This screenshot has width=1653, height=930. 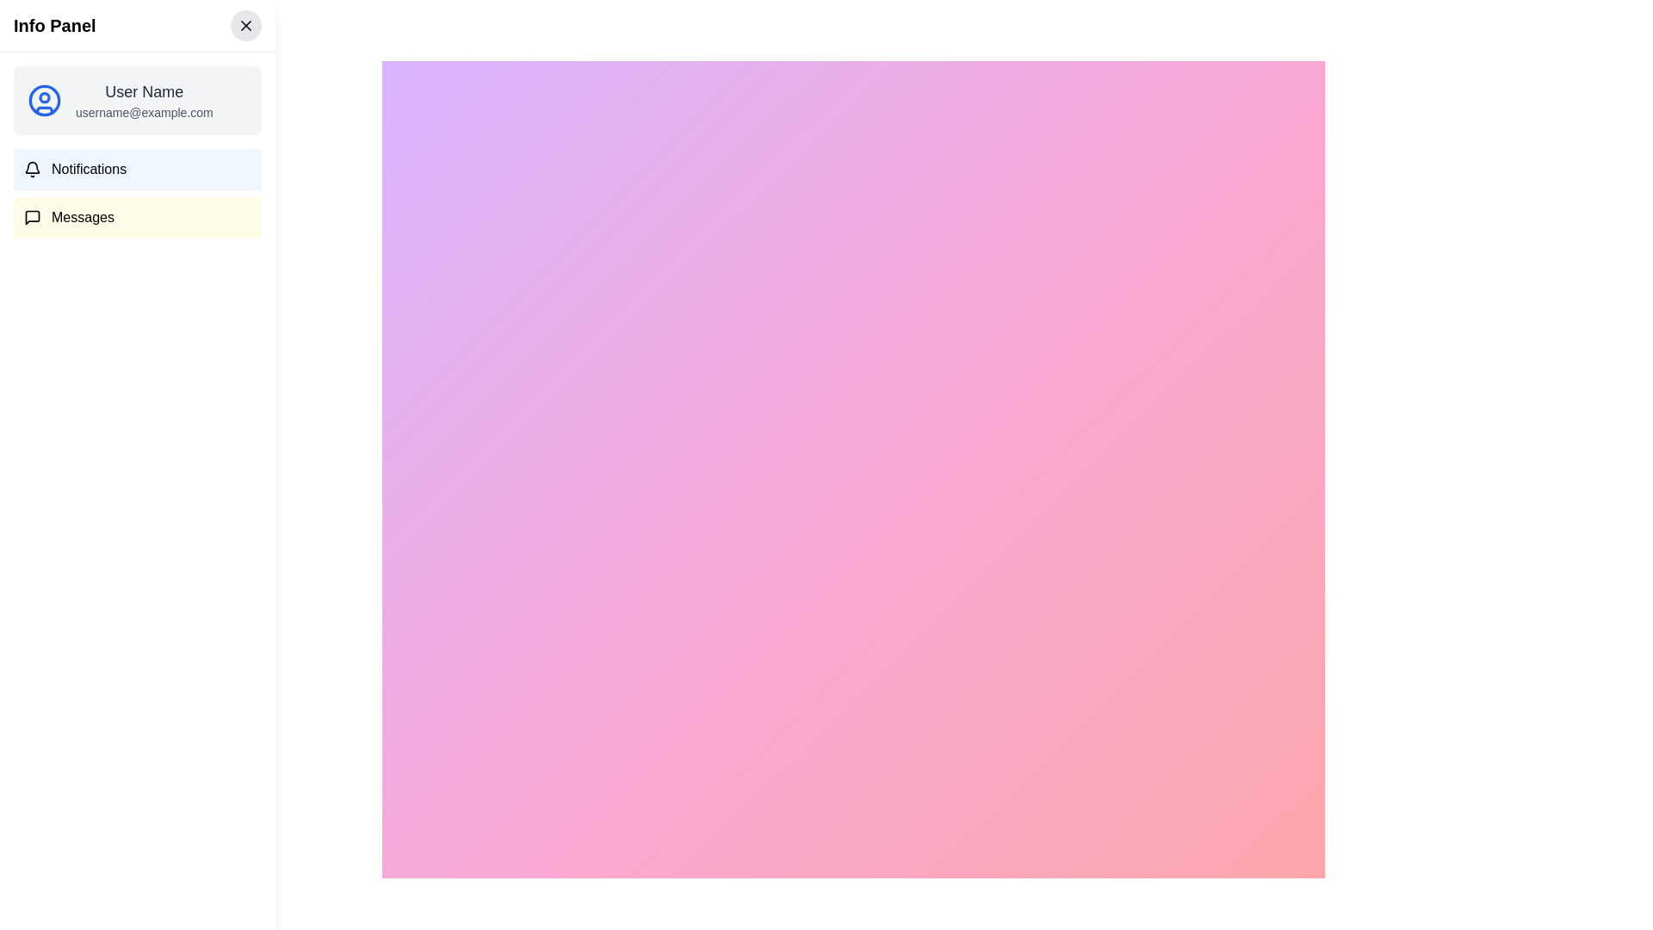 What do you see at coordinates (136, 100) in the screenshot?
I see `the user info card displaying the username and email address located` at bounding box center [136, 100].